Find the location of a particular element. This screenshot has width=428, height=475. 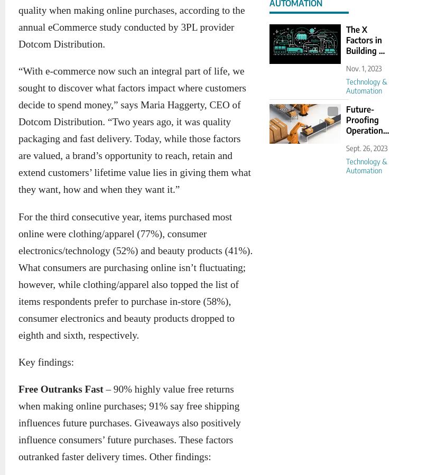

'Sept. 26, 2023' is located at coordinates (366, 148).